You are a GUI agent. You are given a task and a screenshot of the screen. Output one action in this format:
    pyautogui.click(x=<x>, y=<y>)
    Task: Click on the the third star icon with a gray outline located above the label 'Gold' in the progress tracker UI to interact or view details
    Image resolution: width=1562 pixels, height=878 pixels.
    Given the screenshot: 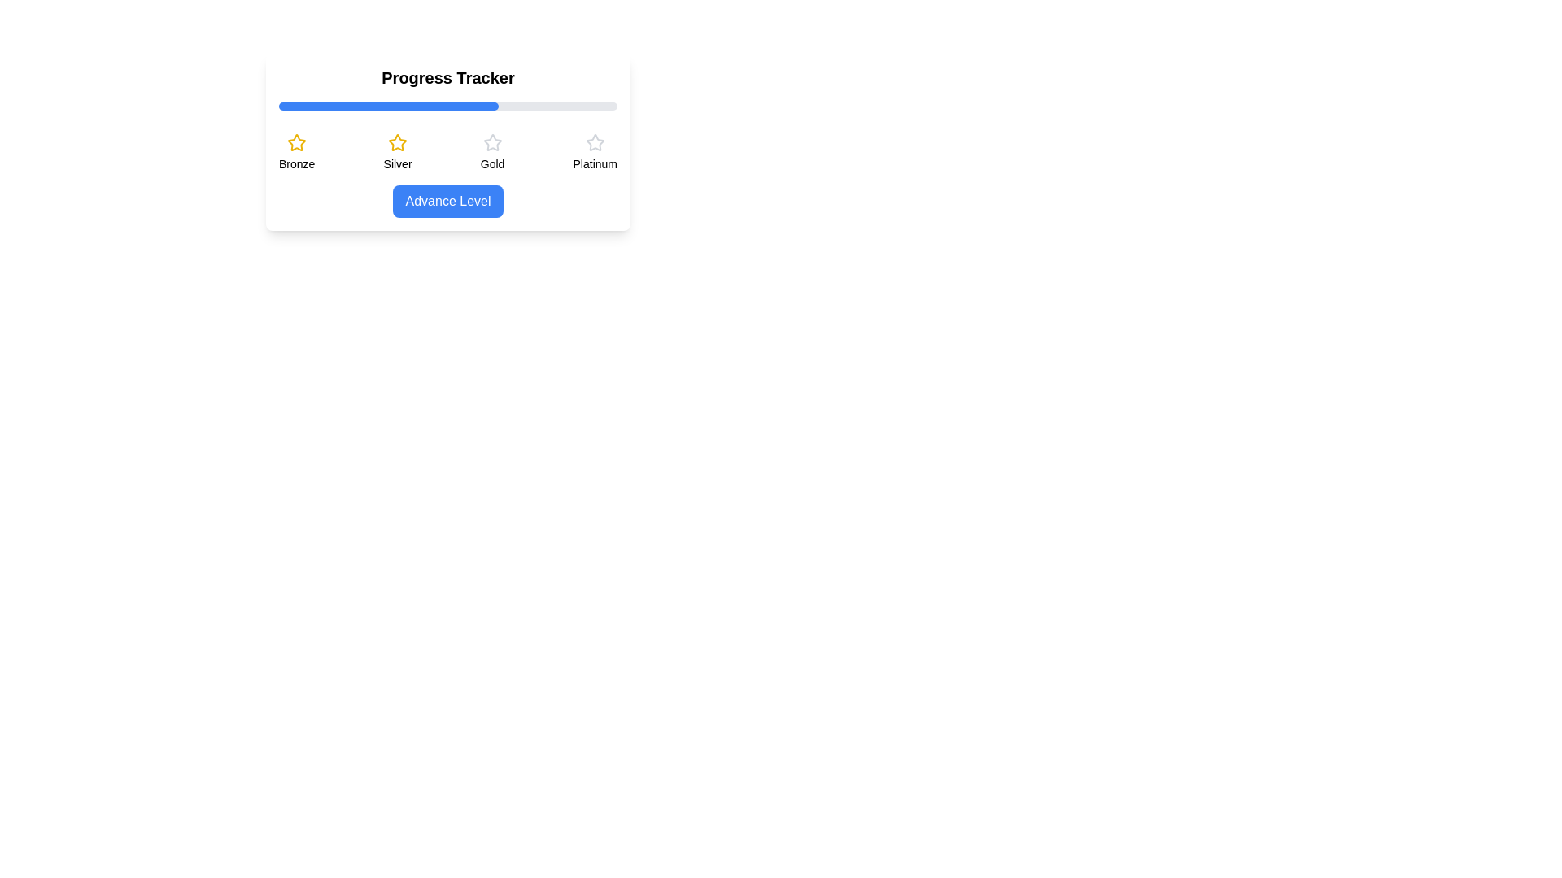 What is the action you would take?
    pyautogui.click(x=491, y=142)
    